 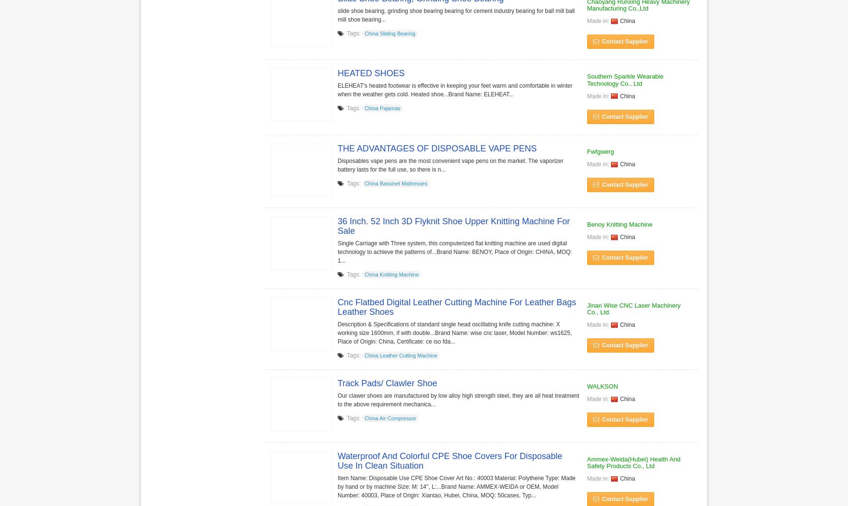 I want to click on 'China Knitting Machine', so click(x=391, y=274).